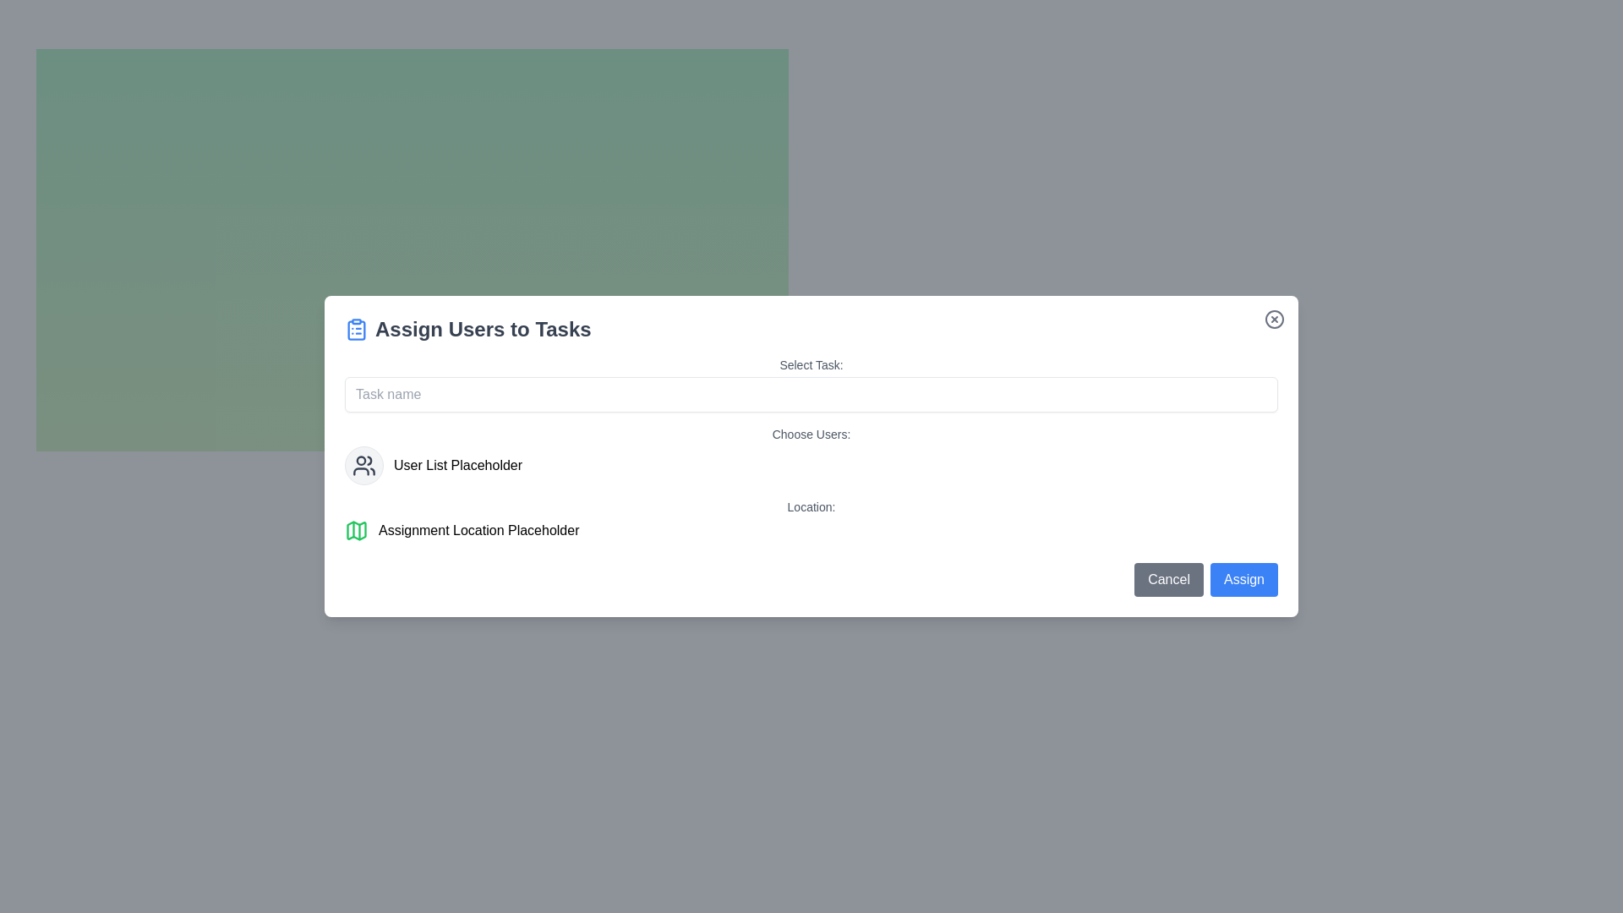  Describe the element at coordinates (1167, 579) in the screenshot. I see `the 'Cancel' button with gray background and white text` at that location.